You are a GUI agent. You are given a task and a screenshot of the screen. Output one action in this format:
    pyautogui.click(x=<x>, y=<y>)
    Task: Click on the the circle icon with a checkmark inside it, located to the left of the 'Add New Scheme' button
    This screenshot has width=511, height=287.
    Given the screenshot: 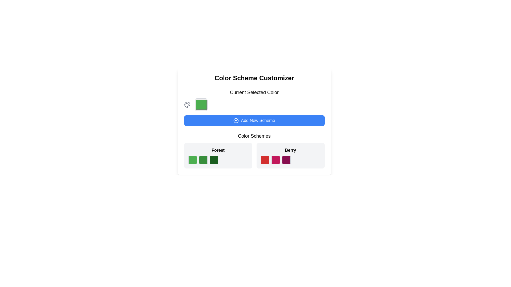 What is the action you would take?
    pyautogui.click(x=236, y=121)
    